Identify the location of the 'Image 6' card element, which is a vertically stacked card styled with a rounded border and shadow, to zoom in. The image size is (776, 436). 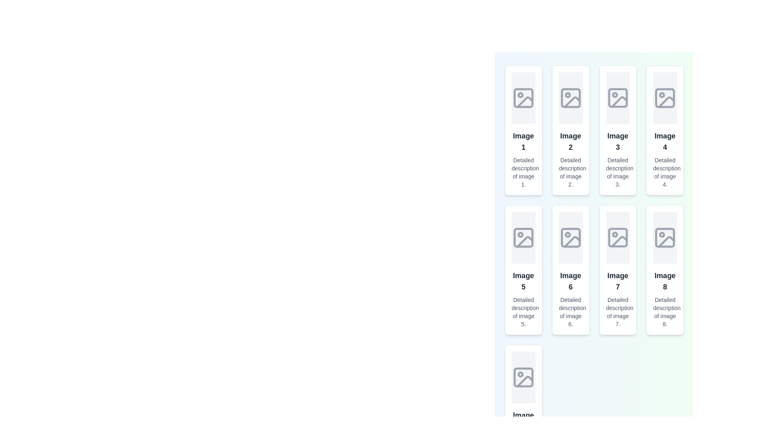
(570, 270).